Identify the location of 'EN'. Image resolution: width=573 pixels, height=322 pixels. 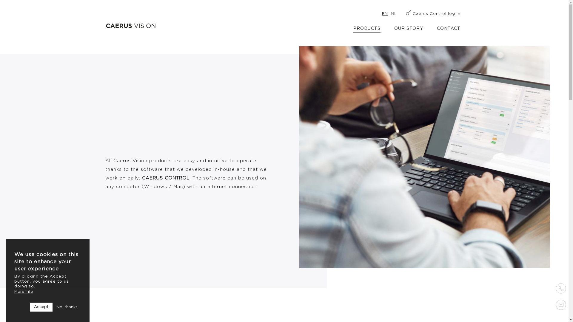
(385, 13).